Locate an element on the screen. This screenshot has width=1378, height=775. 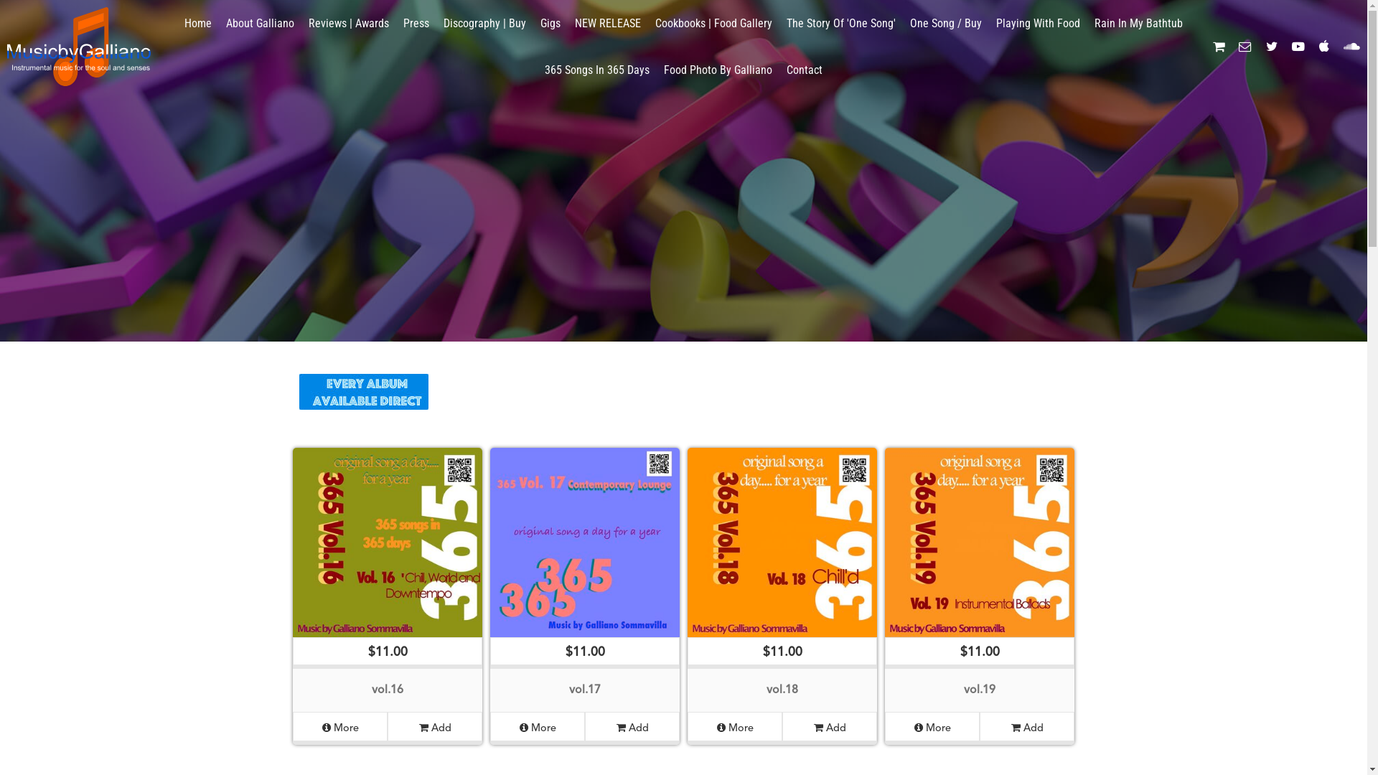
'$11.00' is located at coordinates (884, 558).